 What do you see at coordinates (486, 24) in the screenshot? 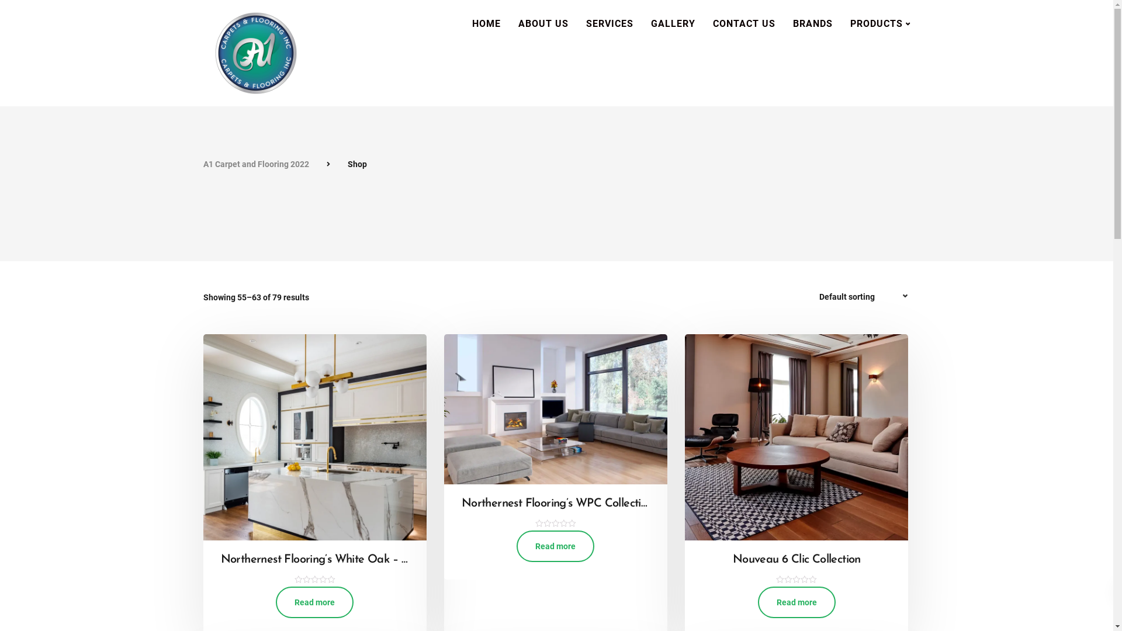
I see `'HOME'` at bounding box center [486, 24].